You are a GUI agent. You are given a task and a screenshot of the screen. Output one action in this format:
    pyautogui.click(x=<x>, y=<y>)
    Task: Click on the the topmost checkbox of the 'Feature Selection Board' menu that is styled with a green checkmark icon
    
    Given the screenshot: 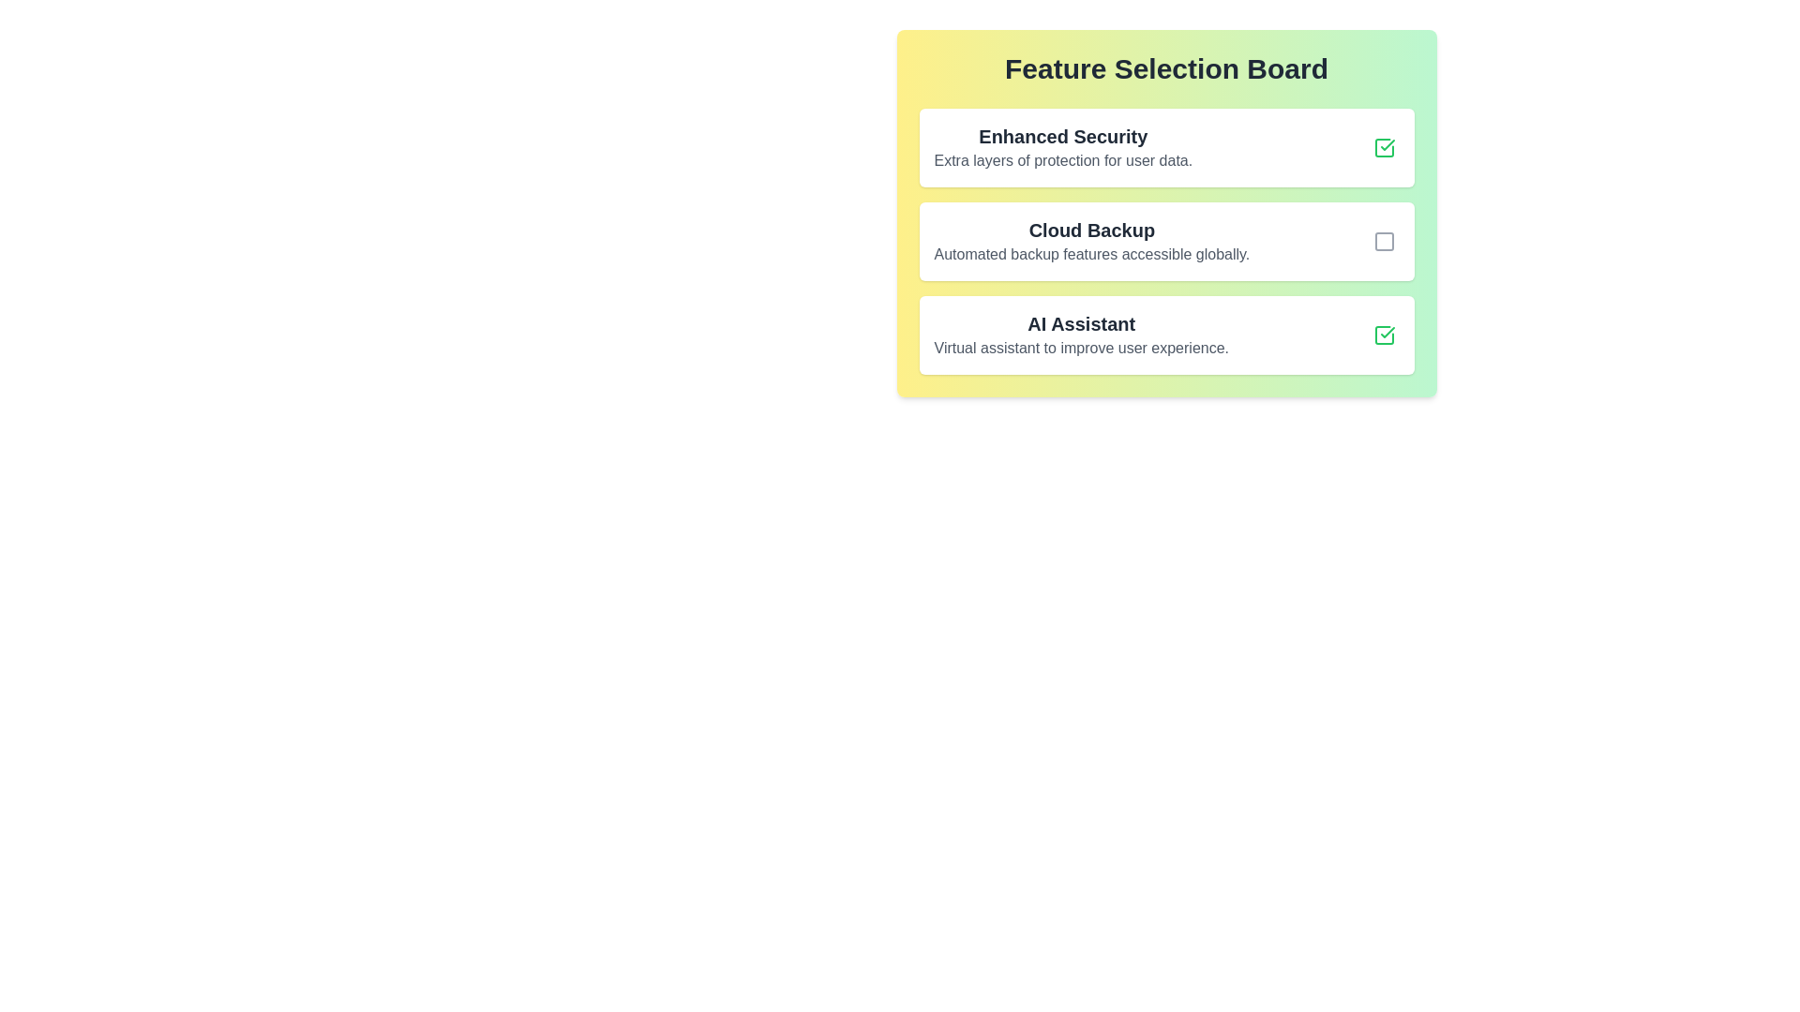 What is the action you would take?
    pyautogui.click(x=1384, y=147)
    